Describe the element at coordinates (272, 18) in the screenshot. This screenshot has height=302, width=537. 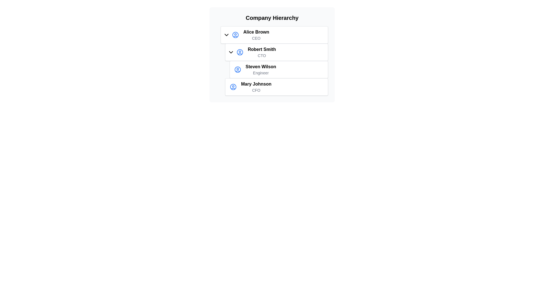
I see `text label at the top of the company hierarchy section, which serves as the title or heading for the information presented below` at that location.